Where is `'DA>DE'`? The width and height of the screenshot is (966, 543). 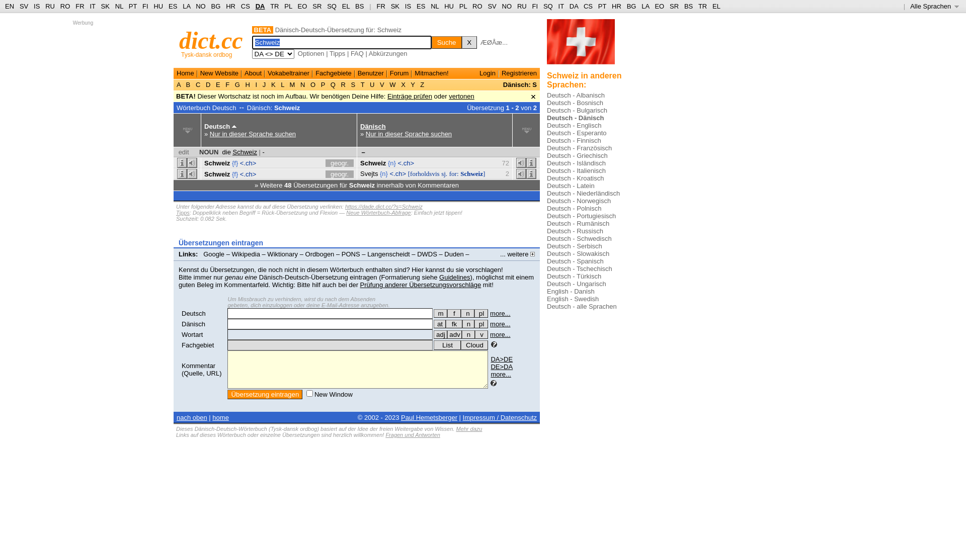 'DA>DE' is located at coordinates (502, 358).